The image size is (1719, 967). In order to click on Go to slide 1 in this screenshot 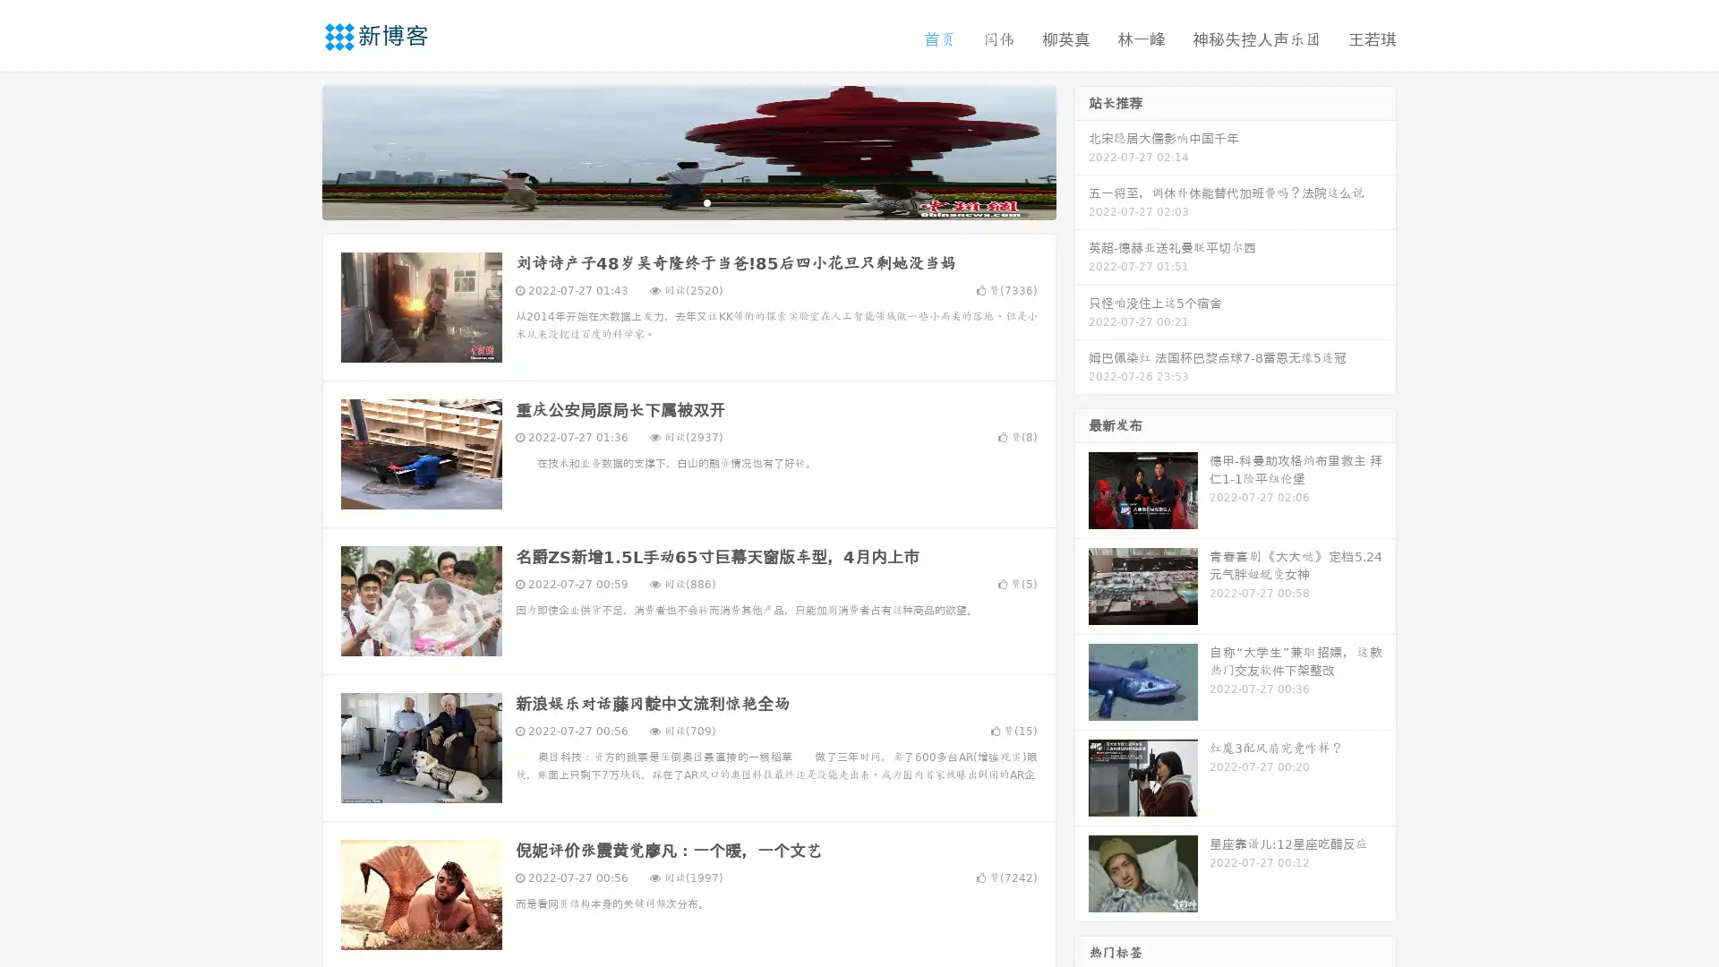, I will do `click(670, 201)`.